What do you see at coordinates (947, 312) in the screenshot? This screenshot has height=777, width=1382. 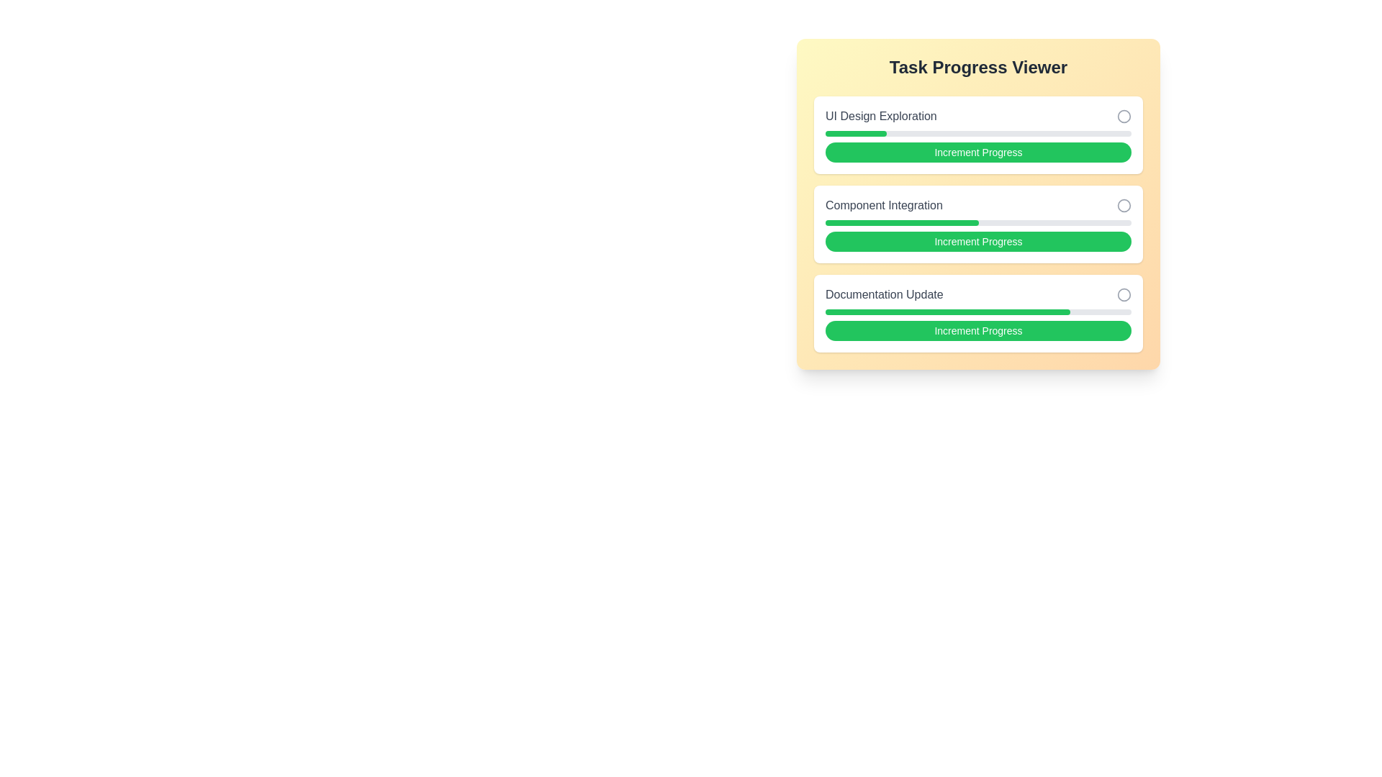 I see `the filling component of the third task's progress bar labeled 'Documentation Update', which indicates 80% completion in the 'Task Progress Viewer'` at bounding box center [947, 312].